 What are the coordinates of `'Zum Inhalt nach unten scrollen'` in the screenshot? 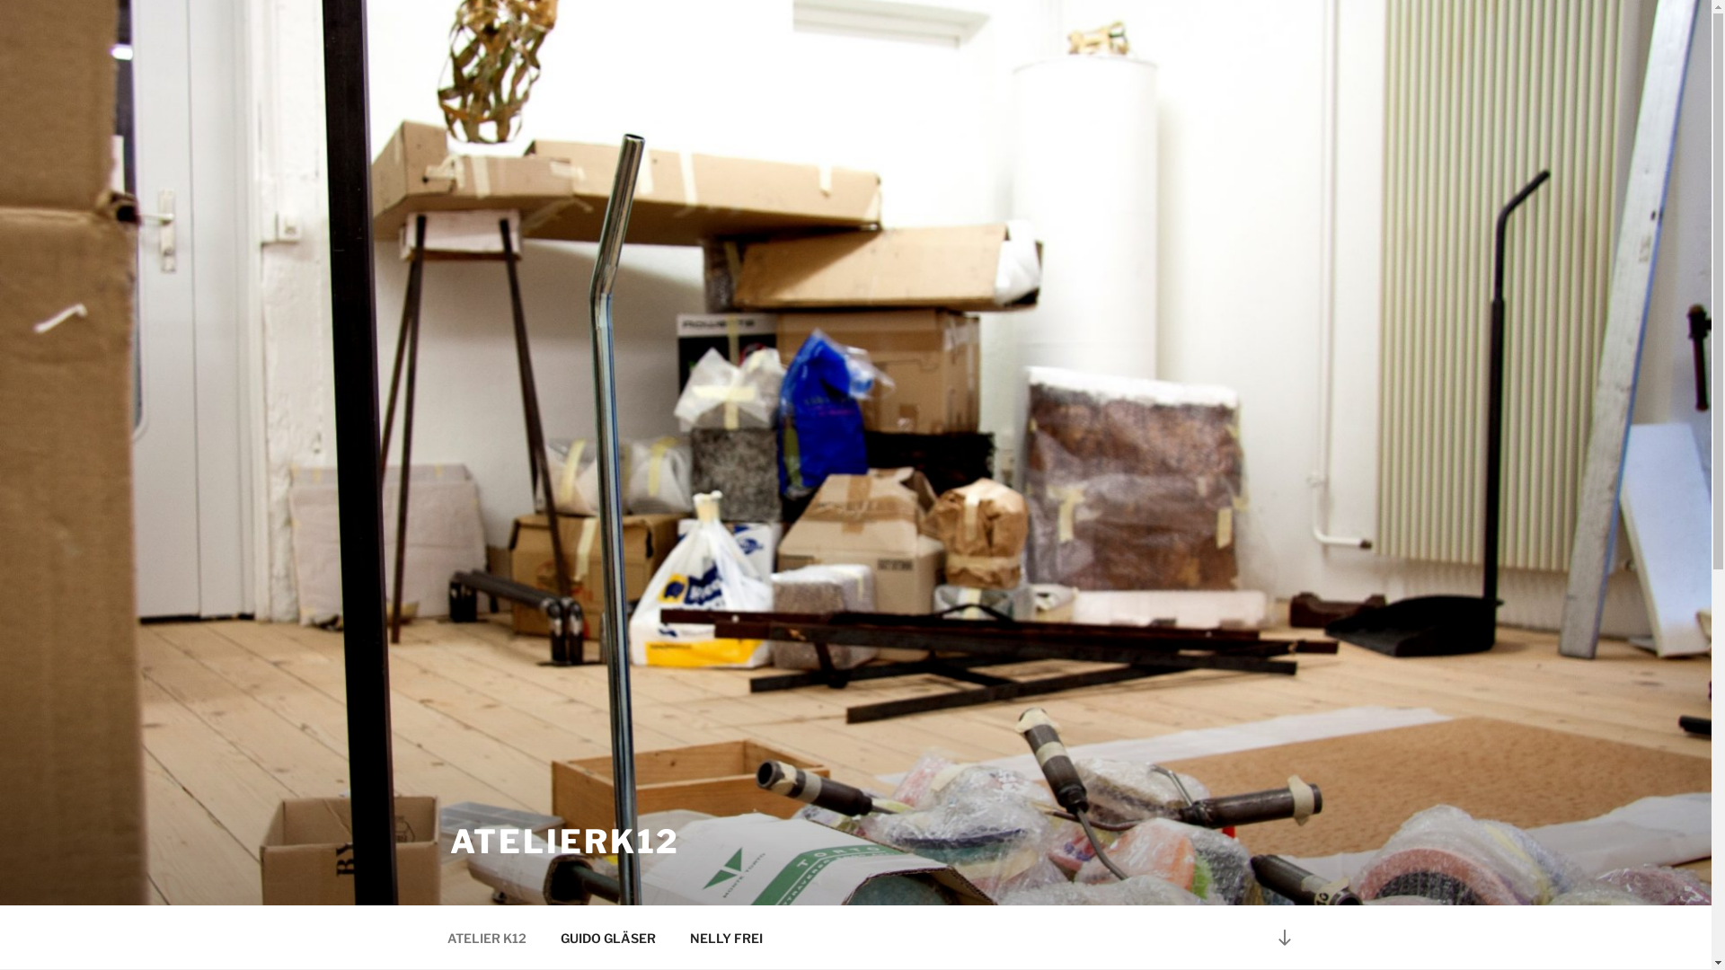 It's located at (1283, 936).